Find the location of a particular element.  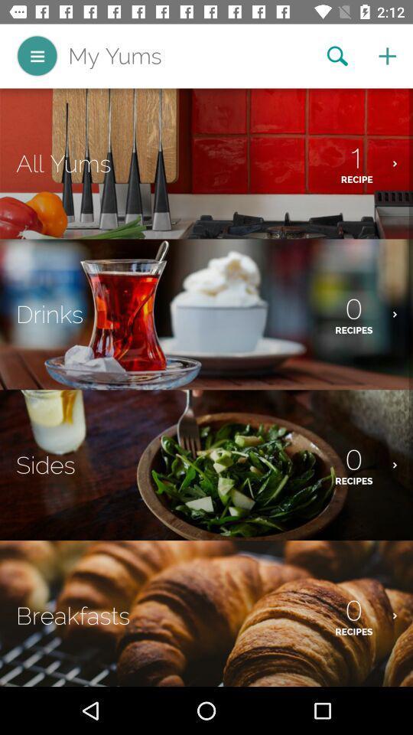

text that reads drinks is located at coordinates (50, 313).